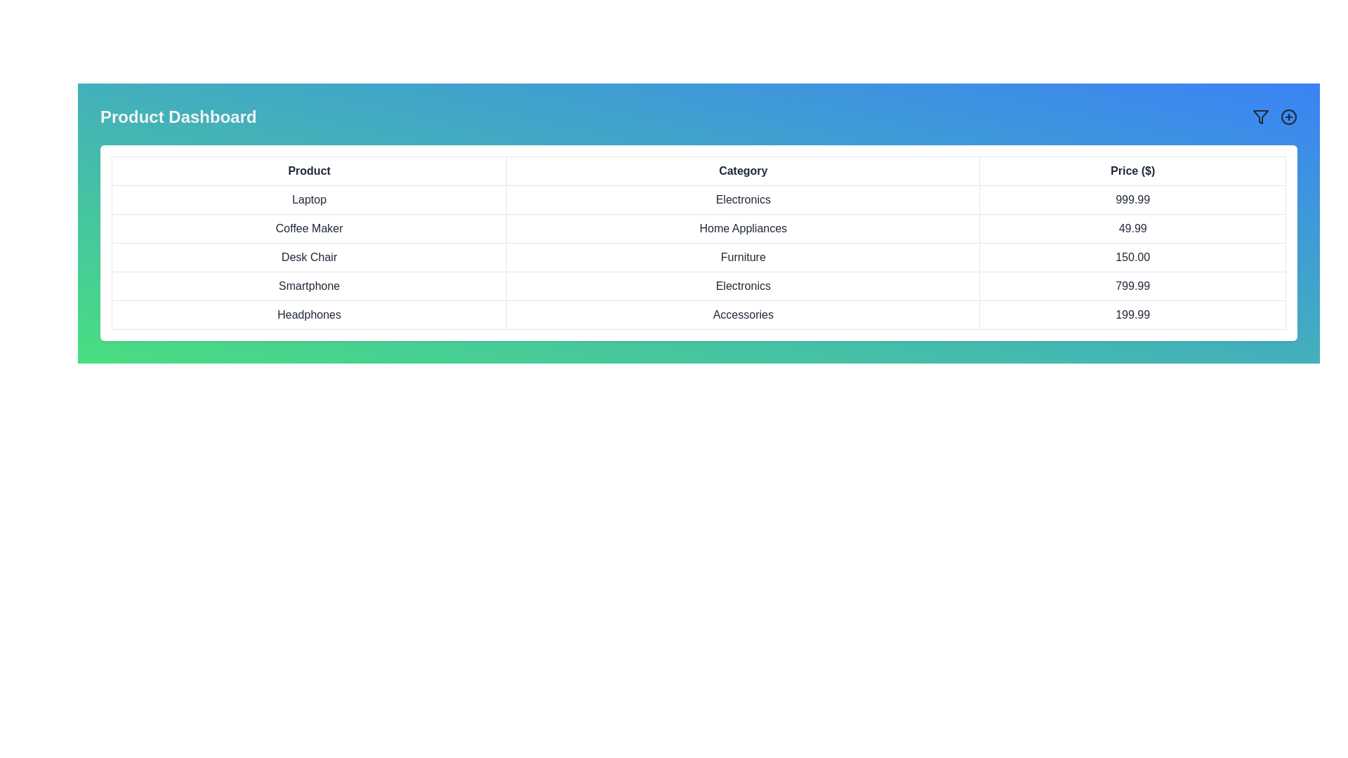  What do you see at coordinates (308, 314) in the screenshot?
I see `the last product name label in the data table under the 'Product' column` at bounding box center [308, 314].